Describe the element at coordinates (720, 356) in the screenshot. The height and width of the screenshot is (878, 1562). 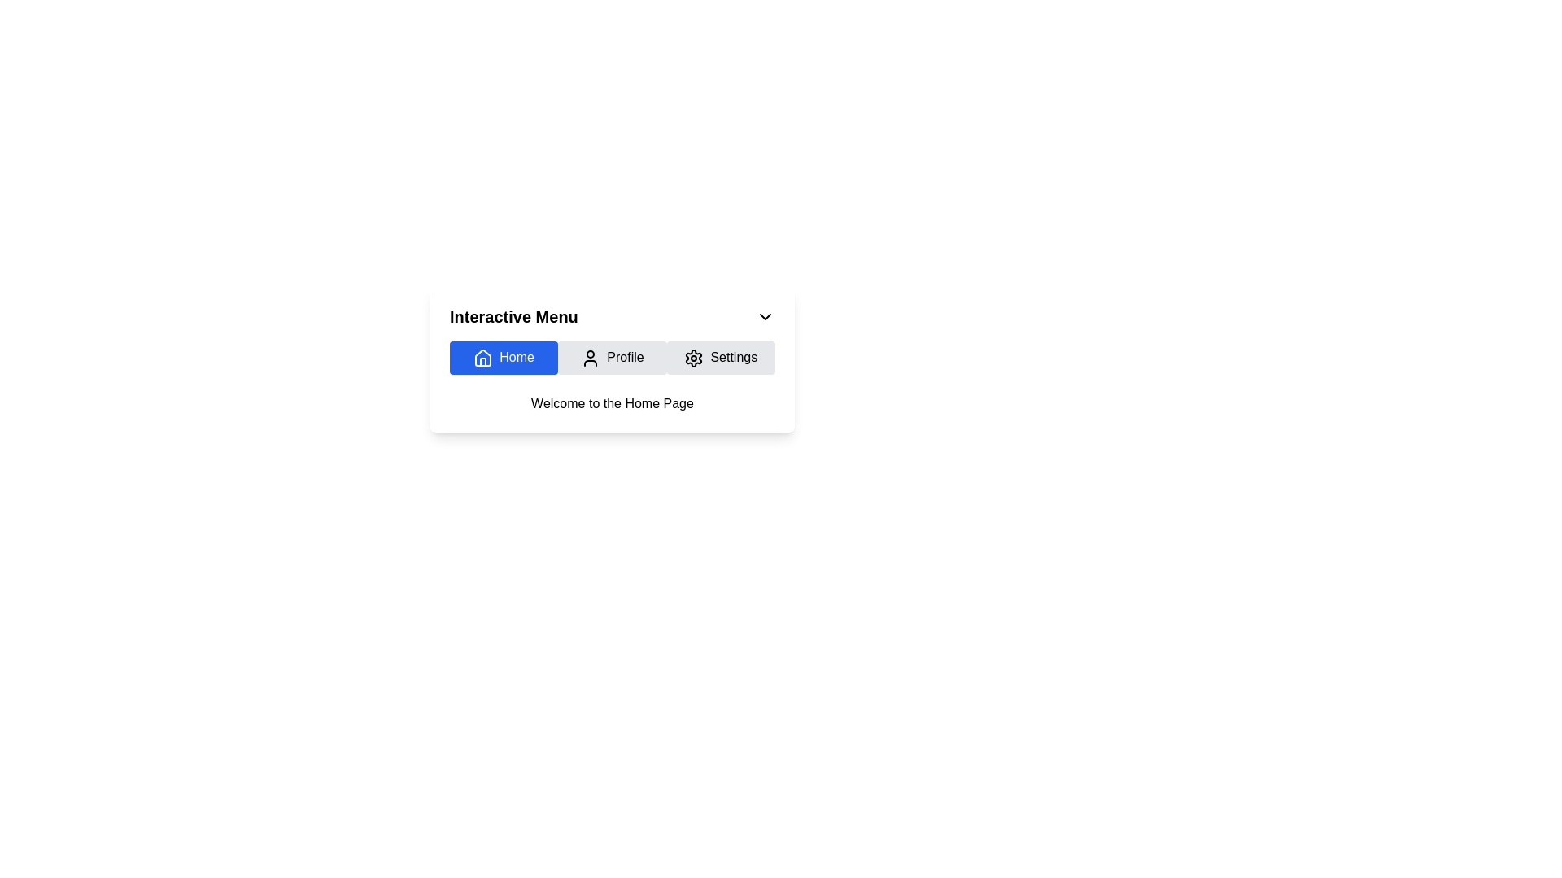
I see `the 'Settings' button, which is a rectangular button with rounded corners and a gray background, located to the right of the 'Profile' button in the horizontal menu bar` at that location.